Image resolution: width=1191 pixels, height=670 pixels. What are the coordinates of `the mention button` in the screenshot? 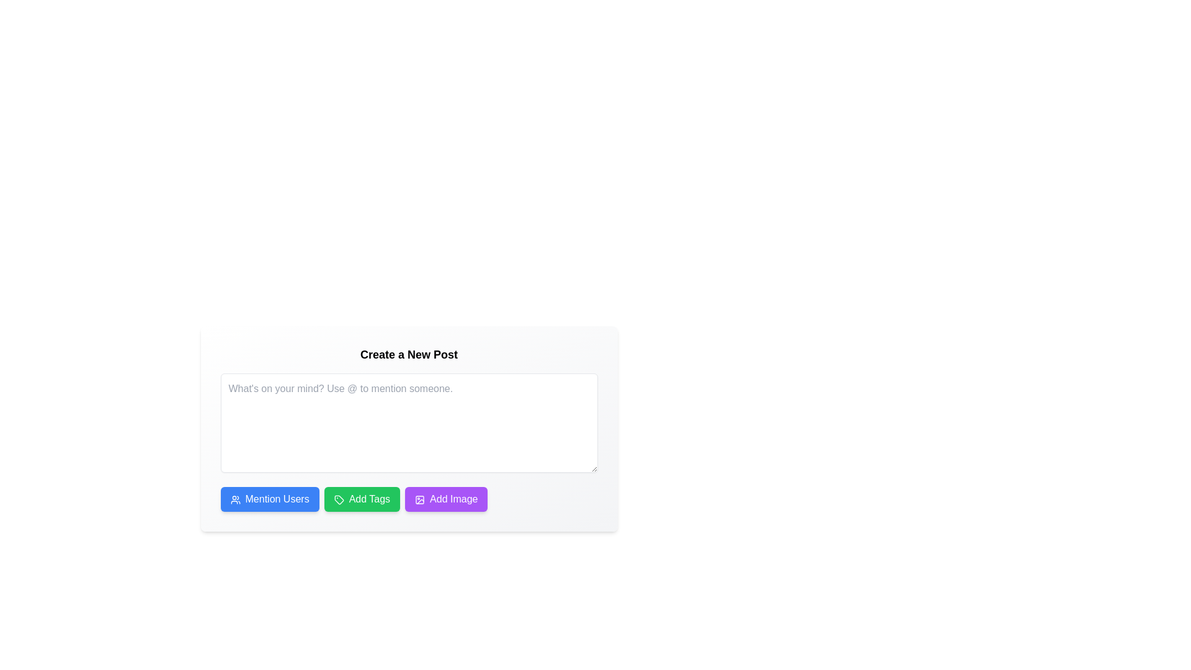 It's located at (269, 499).